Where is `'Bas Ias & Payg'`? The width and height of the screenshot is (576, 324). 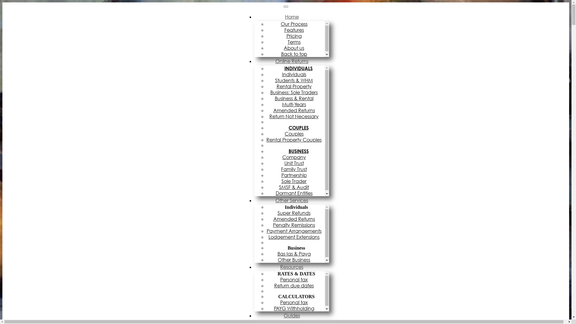
'Bas Ias & Payg' is located at coordinates (295, 253).